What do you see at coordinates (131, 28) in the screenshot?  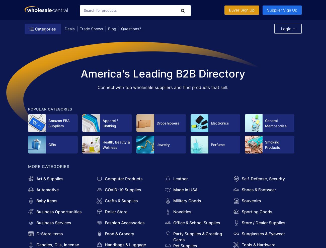 I see `'Questions?'` at bounding box center [131, 28].